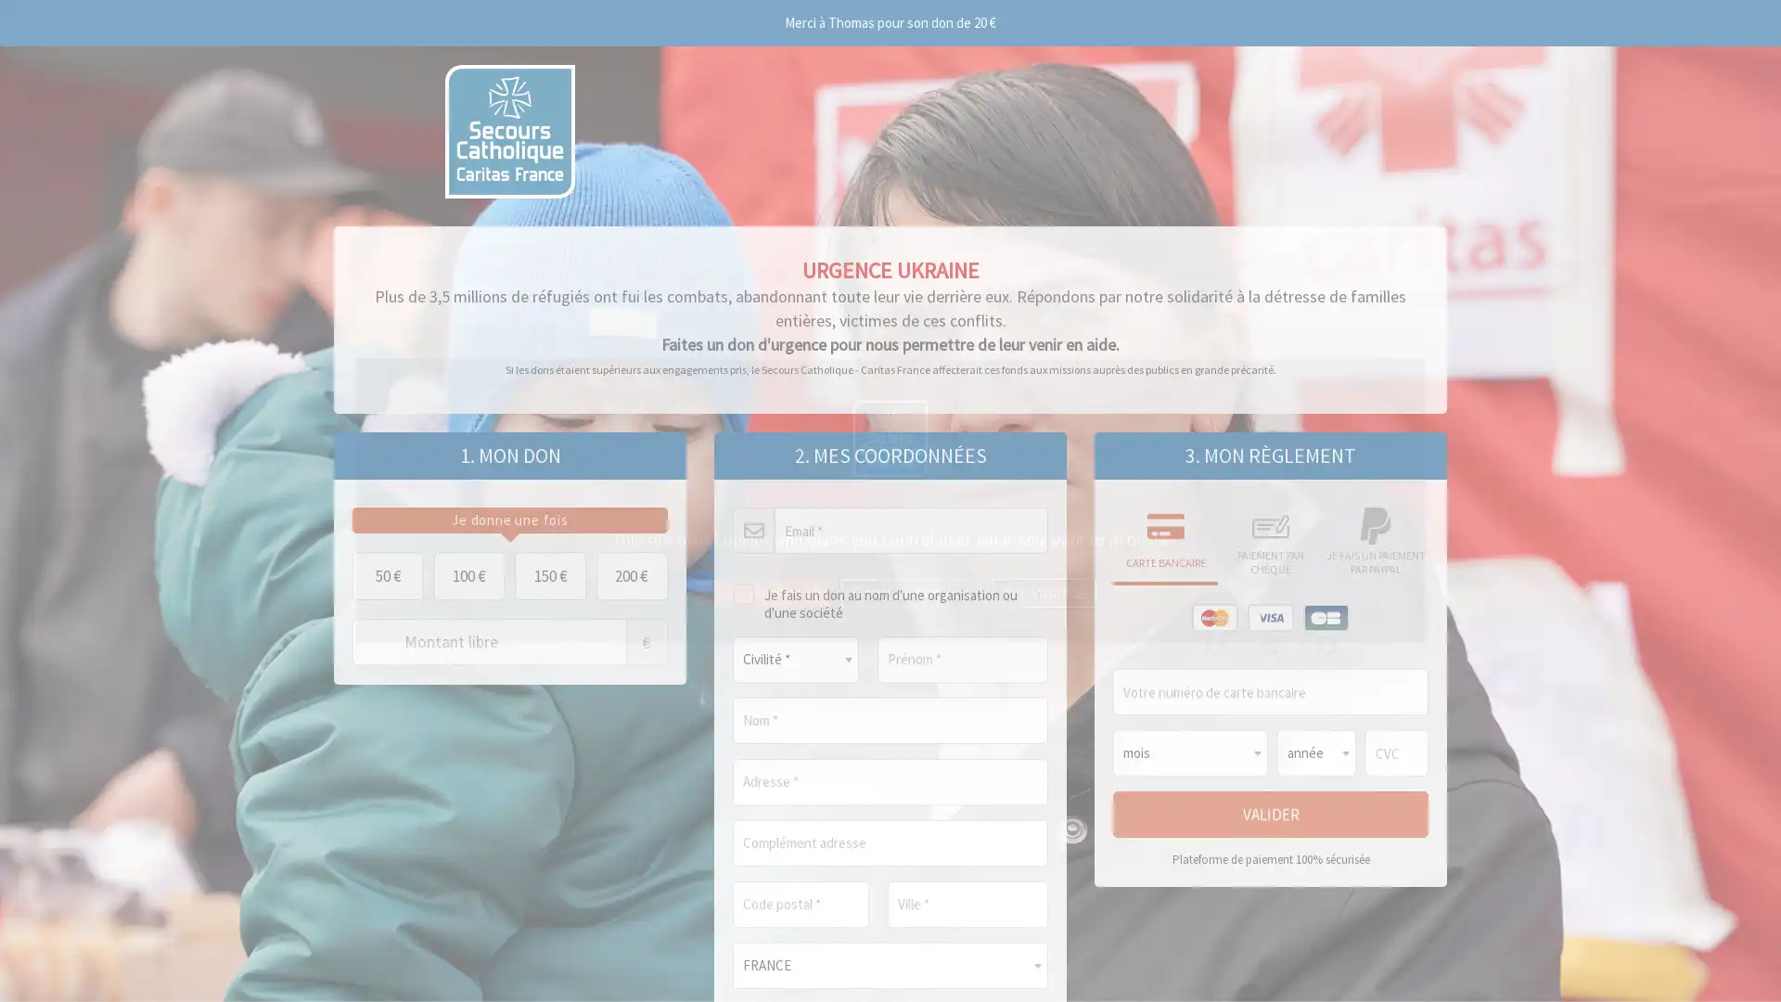 This screenshot has height=1002, width=1781. What do you see at coordinates (760, 593) in the screenshot?
I see `OK, accept all` at bounding box center [760, 593].